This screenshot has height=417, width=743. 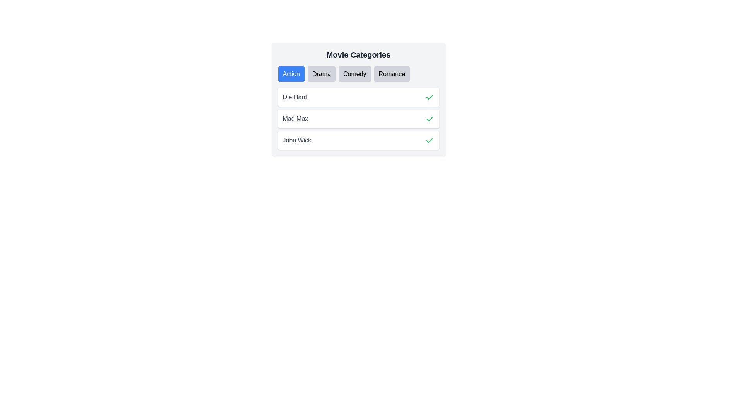 What do you see at coordinates (358, 119) in the screenshot?
I see `the 'Mad Max' list item in the 'Movie Categories' section for selection or action` at bounding box center [358, 119].